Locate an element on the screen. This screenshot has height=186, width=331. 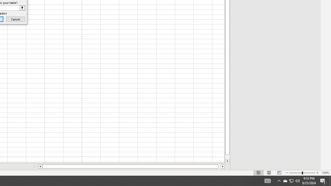
'Zoom In' is located at coordinates (317, 173).